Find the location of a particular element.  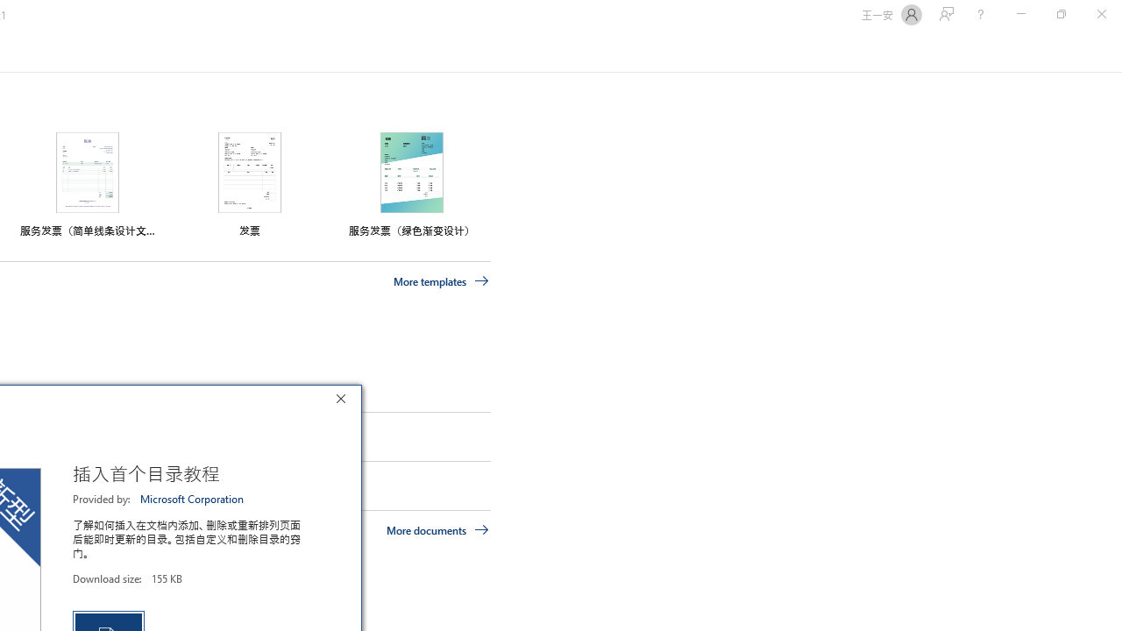

'More documents' is located at coordinates (437, 528).